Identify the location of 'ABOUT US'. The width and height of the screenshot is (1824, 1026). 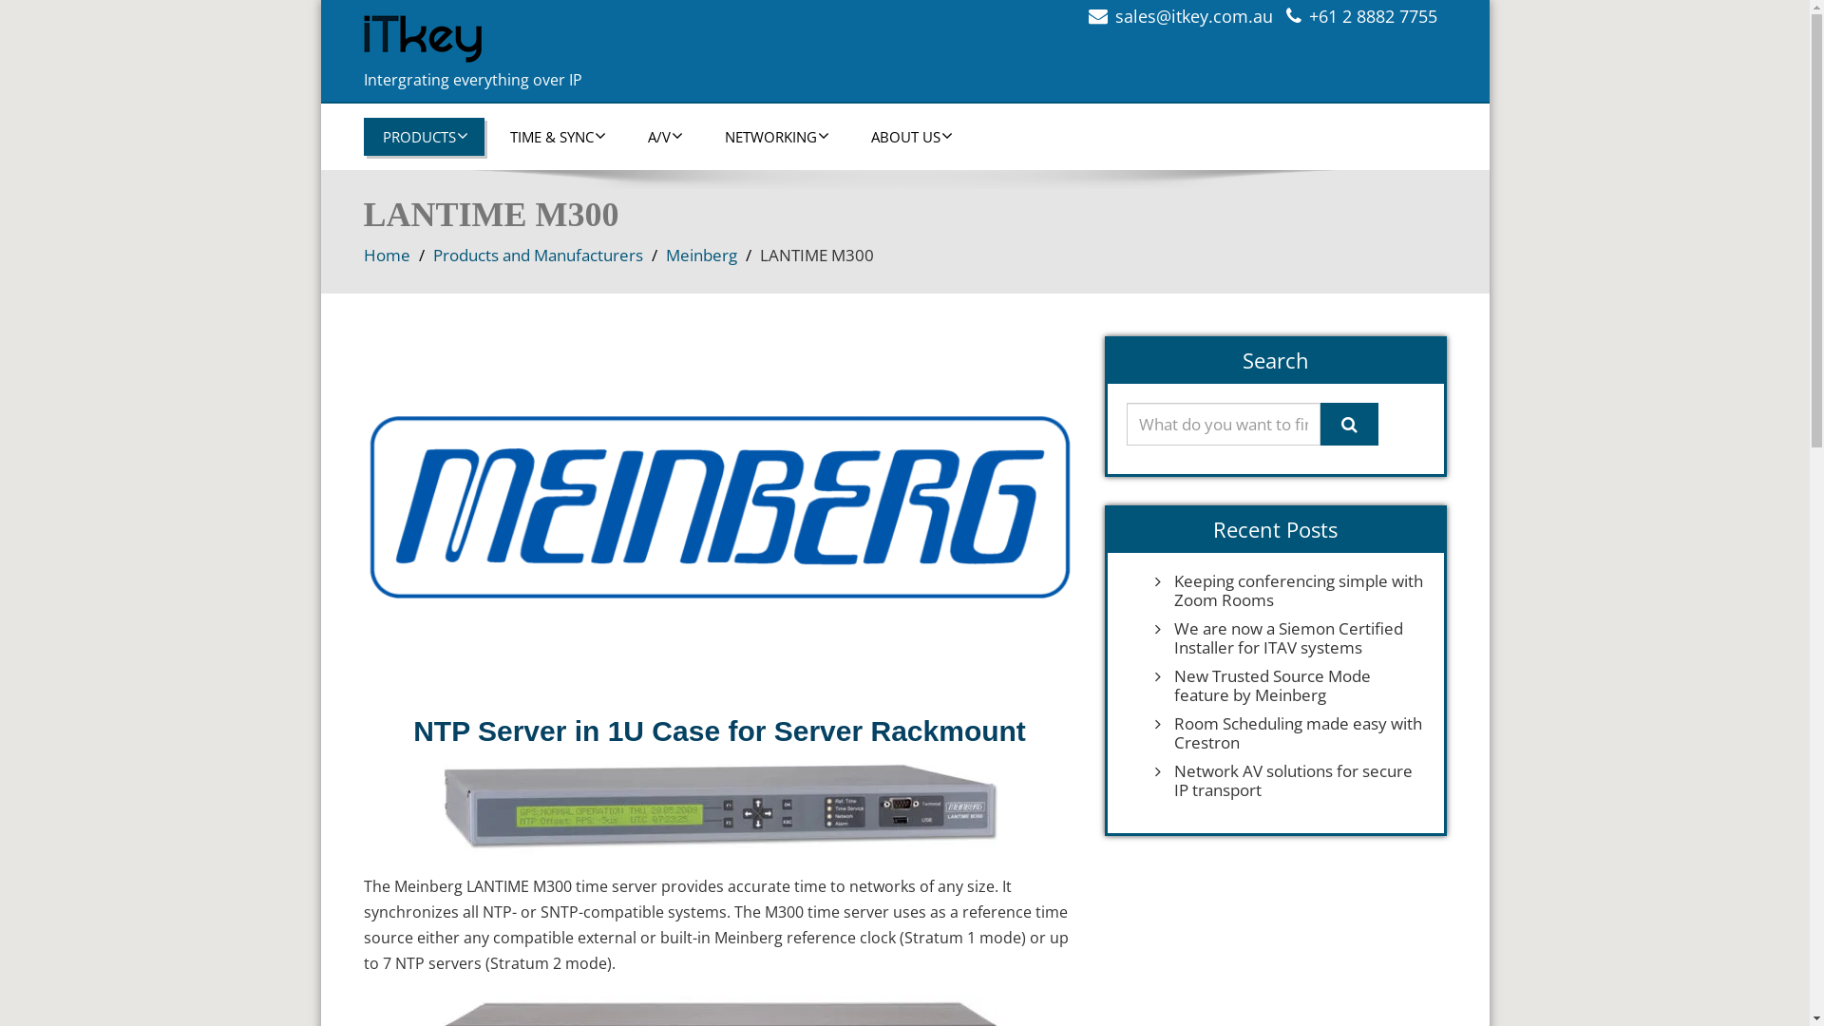
(850, 135).